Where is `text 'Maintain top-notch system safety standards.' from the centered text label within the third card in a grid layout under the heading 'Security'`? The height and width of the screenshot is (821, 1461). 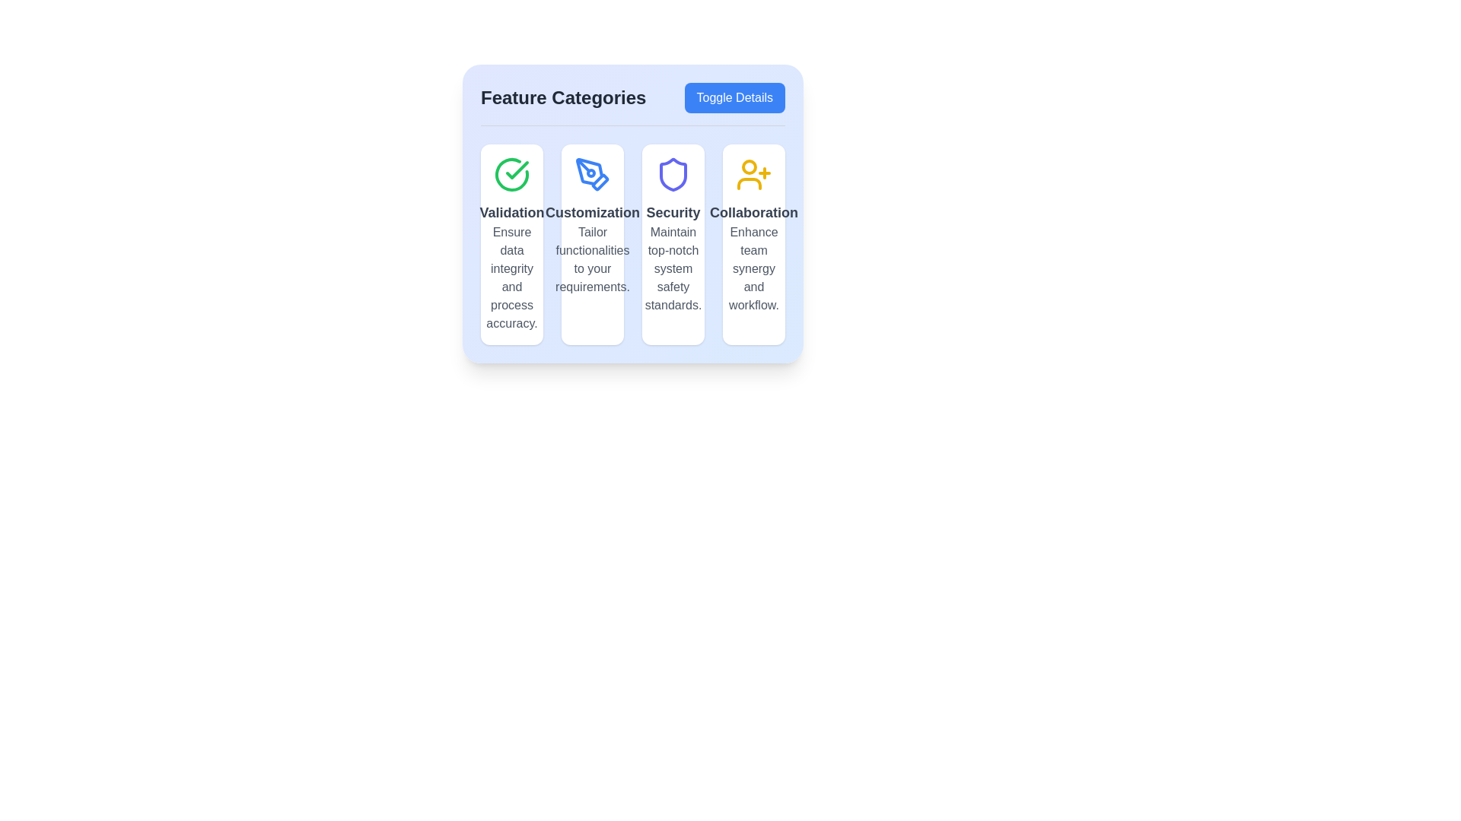
text 'Maintain top-notch system safety standards.' from the centered text label within the third card in a grid layout under the heading 'Security' is located at coordinates (672, 268).